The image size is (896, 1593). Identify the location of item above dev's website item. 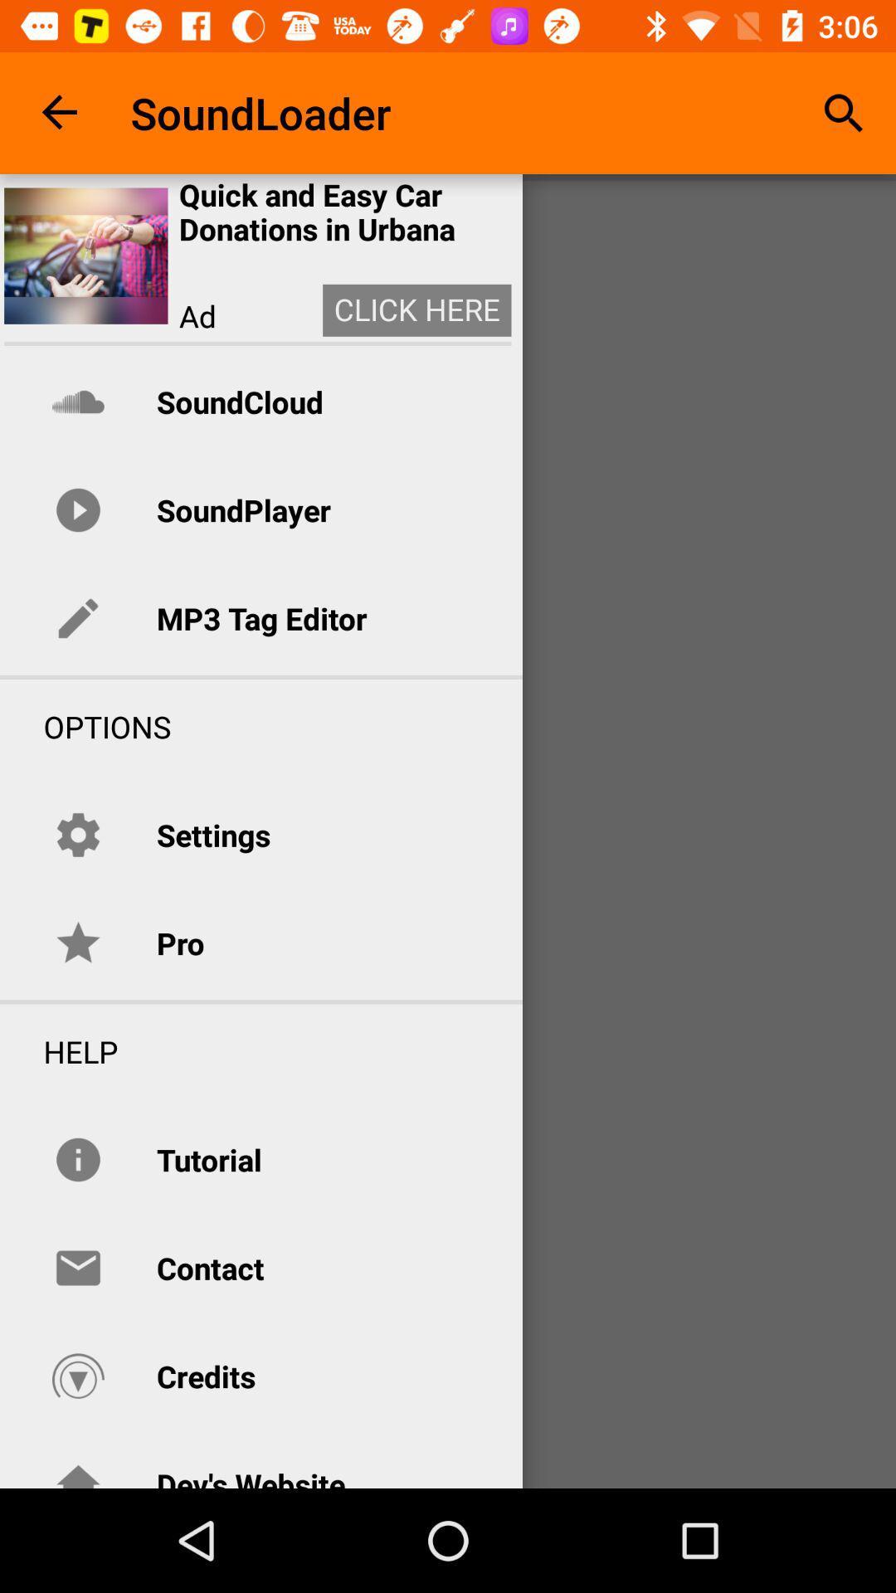
(205, 1376).